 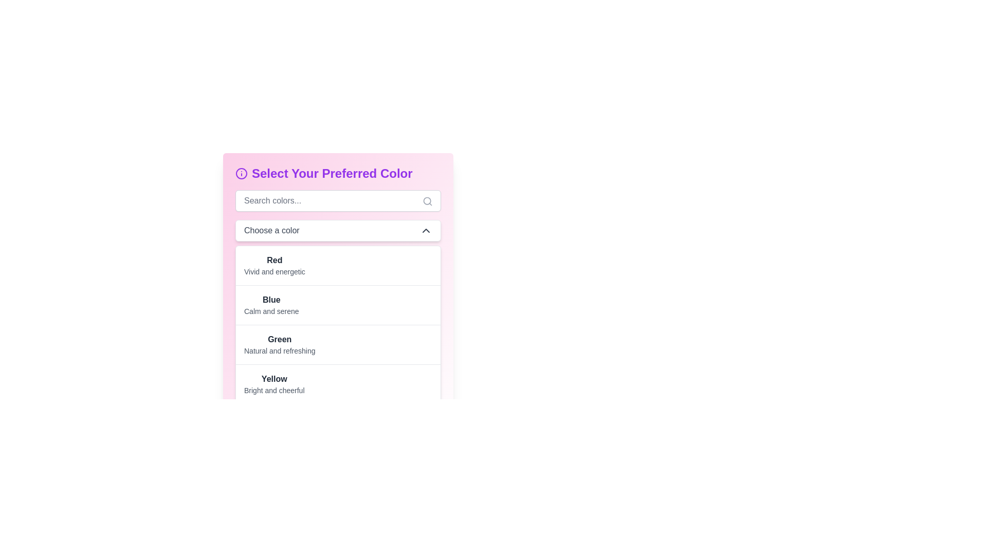 What do you see at coordinates (271, 230) in the screenshot?
I see `the static text element displaying 'Choose a color' in dark gray font, located within a white rectangular area, near the top-center of the interface` at bounding box center [271, 230].